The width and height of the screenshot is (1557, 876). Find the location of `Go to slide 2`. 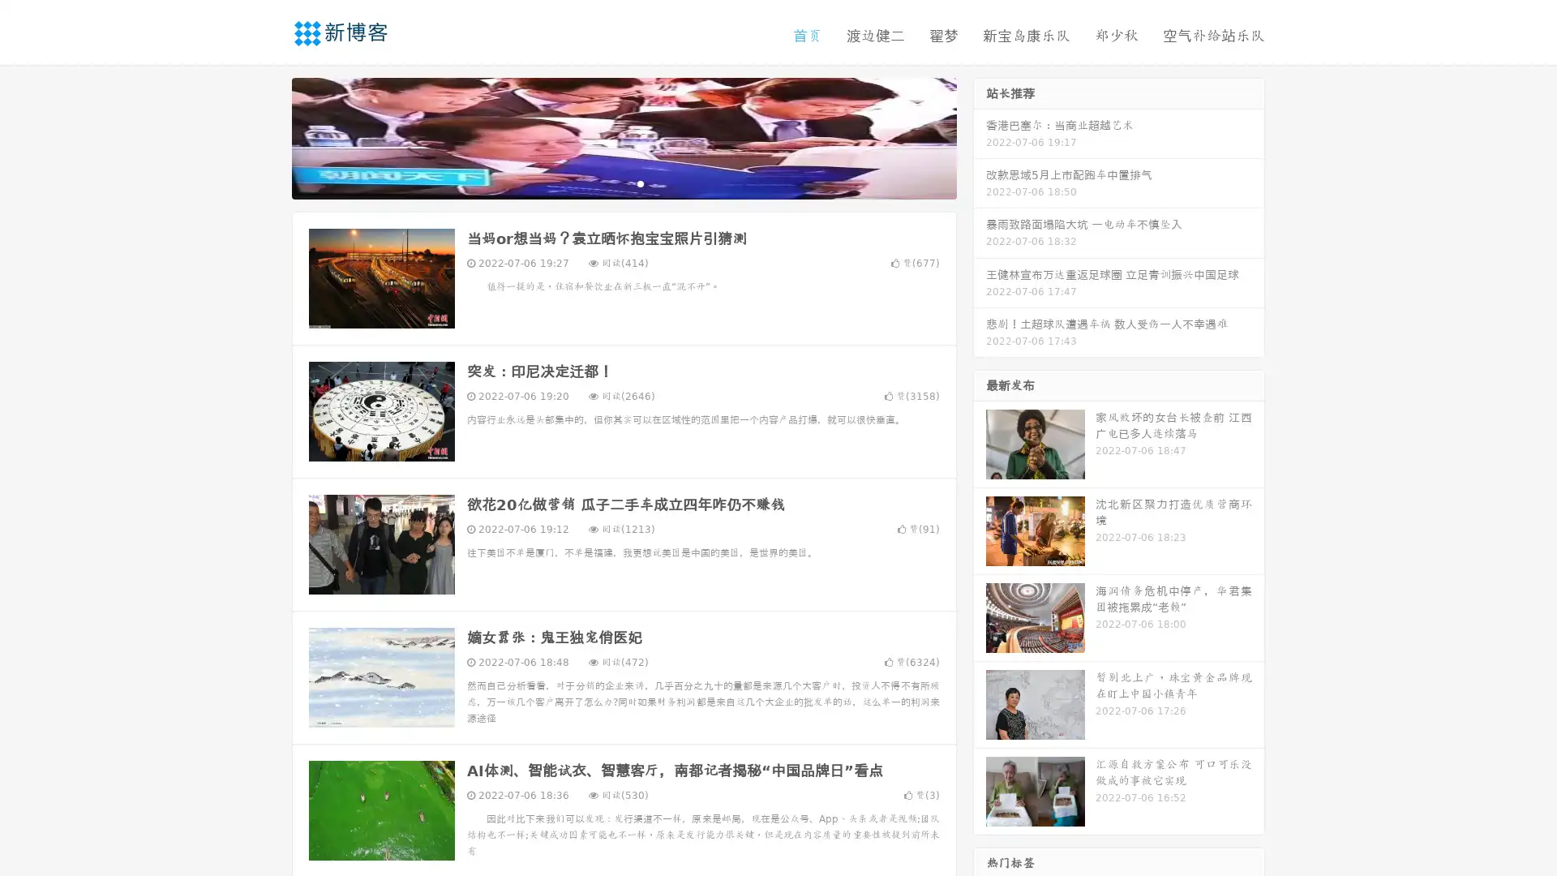

Go to slide 2 is located at coordinates (623, 182).